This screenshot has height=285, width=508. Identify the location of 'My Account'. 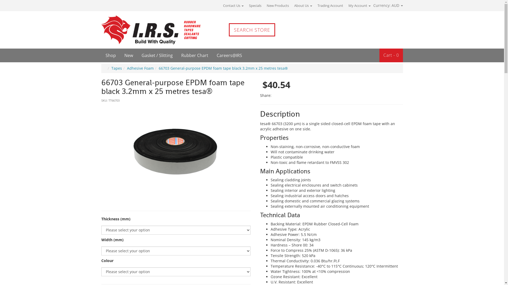
(359, 5).